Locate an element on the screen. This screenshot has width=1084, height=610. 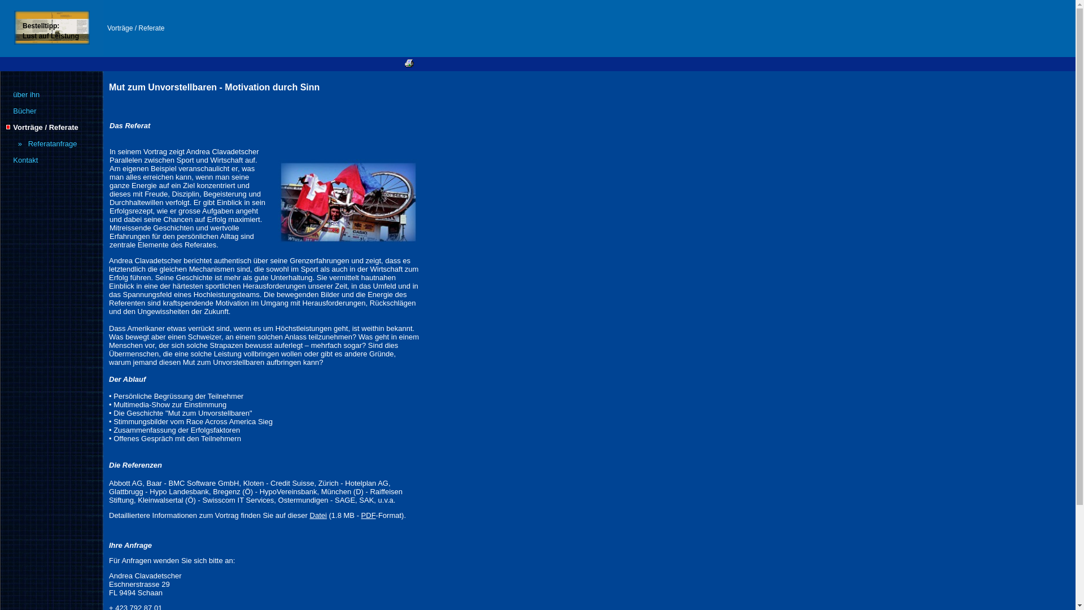
'Bestelltipp: is located at coordinates (50, 30).